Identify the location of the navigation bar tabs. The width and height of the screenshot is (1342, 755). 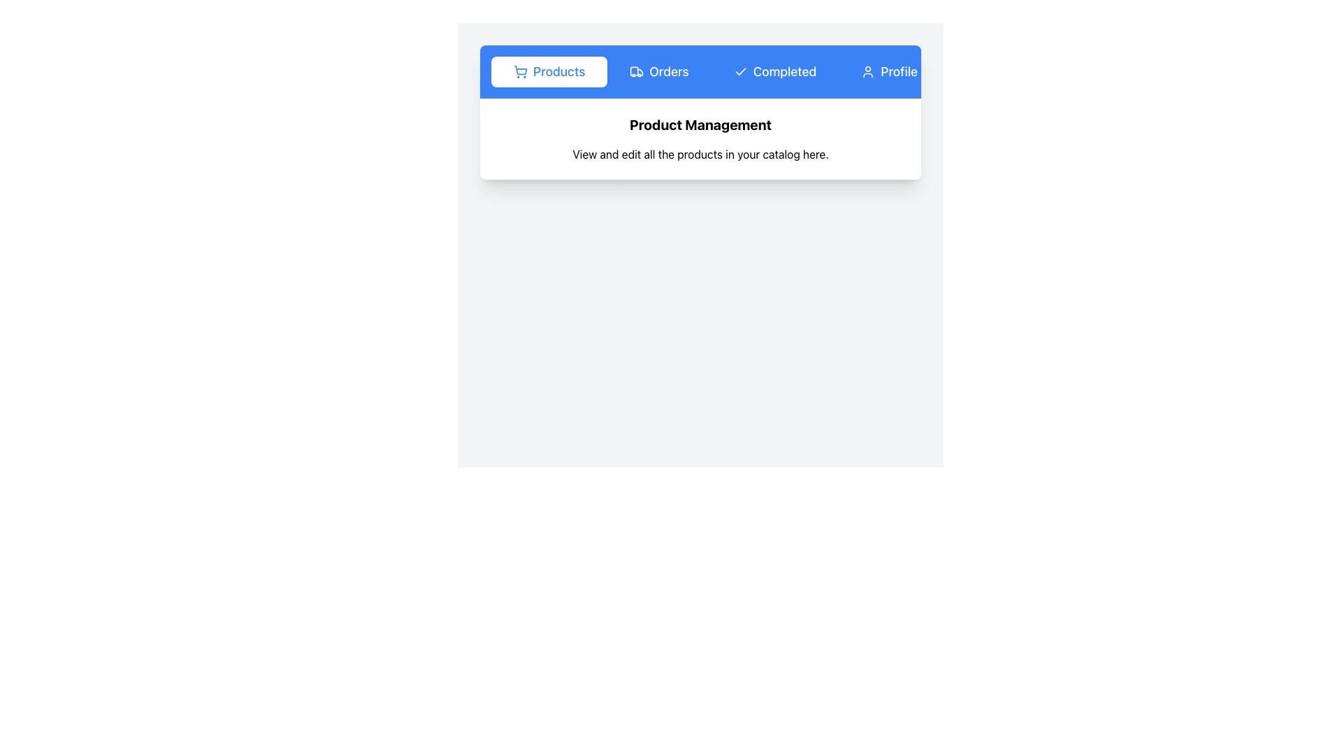
(700, 72).